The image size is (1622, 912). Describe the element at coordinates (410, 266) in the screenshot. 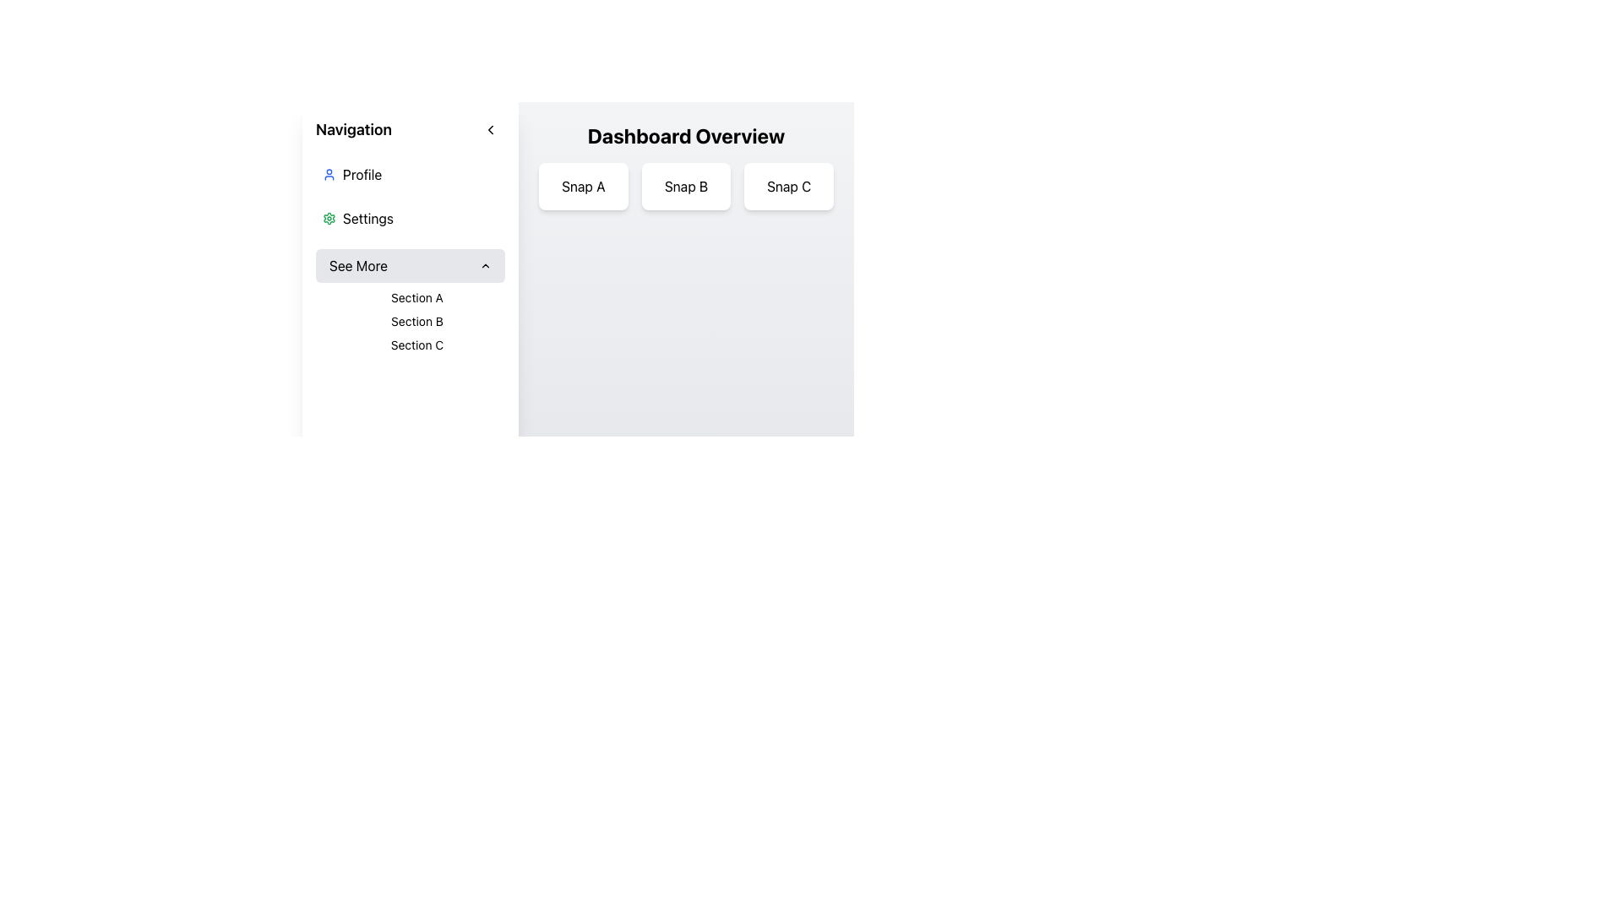

I see `the sidebar button that toggles the visibility of the submenu containing 'Section A', 'Section B', and 'Section C' to change its background color` at that location.